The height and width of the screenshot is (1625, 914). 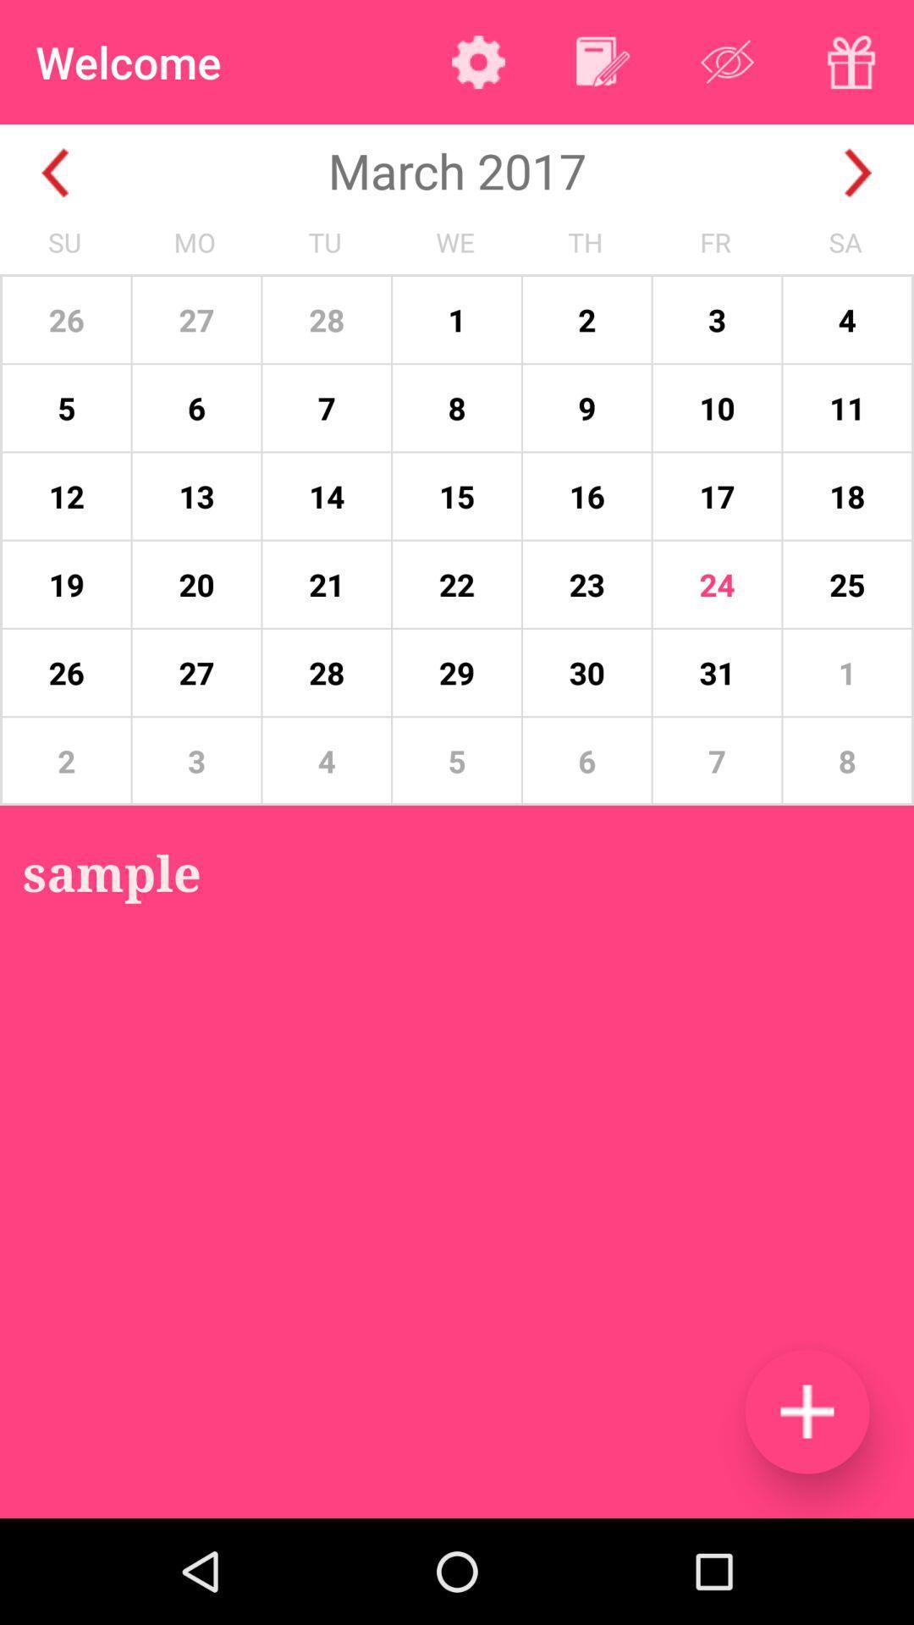 What do you see at coordinates (478, 62) in the screenshot?
I see `the app next to the welcome` at bounding box center [478, 62].